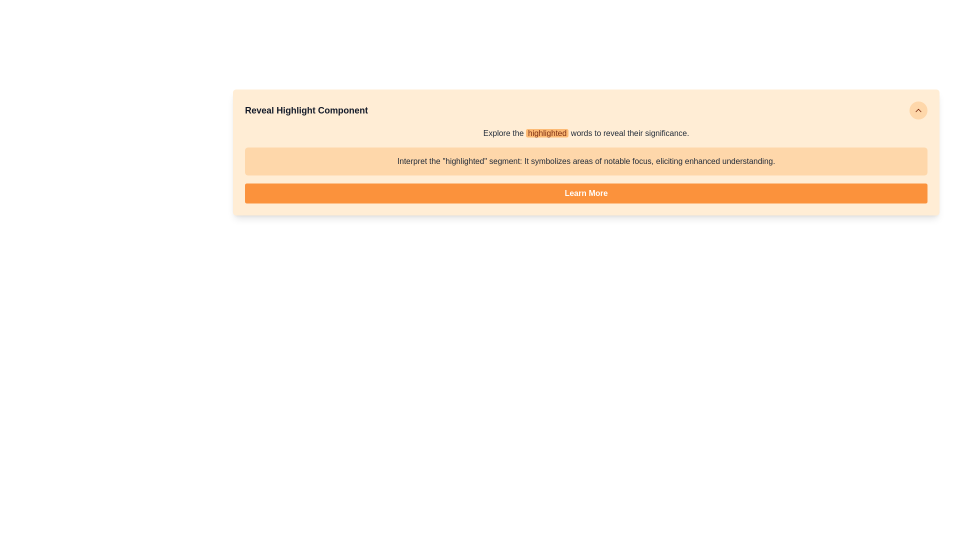 This screenshot has width=960, height=540. I want to click on the Static Text Block that displays the phrase: "Interpret the 'highlighted' segment: It symbolizes areas of notable focus, eliciting enhanced understanding.", so click(586, 161).